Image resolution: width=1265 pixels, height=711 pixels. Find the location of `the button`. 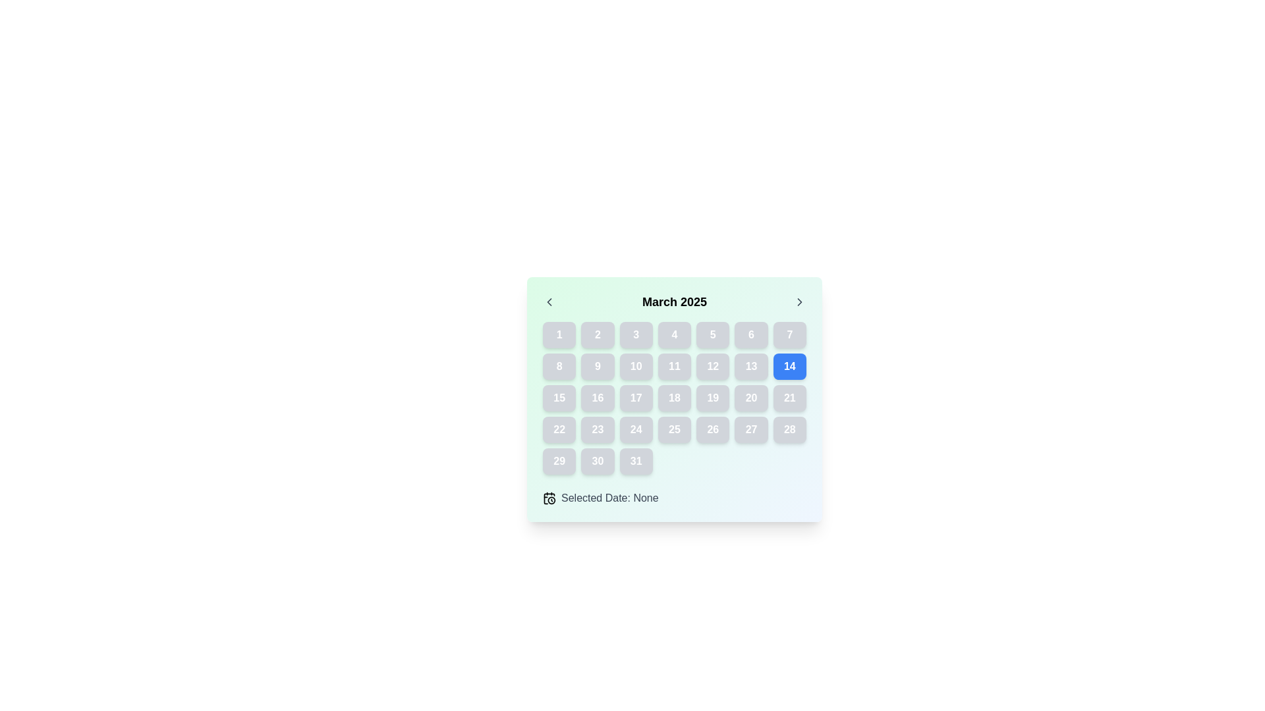

the button is located at coordinates (751, 366).